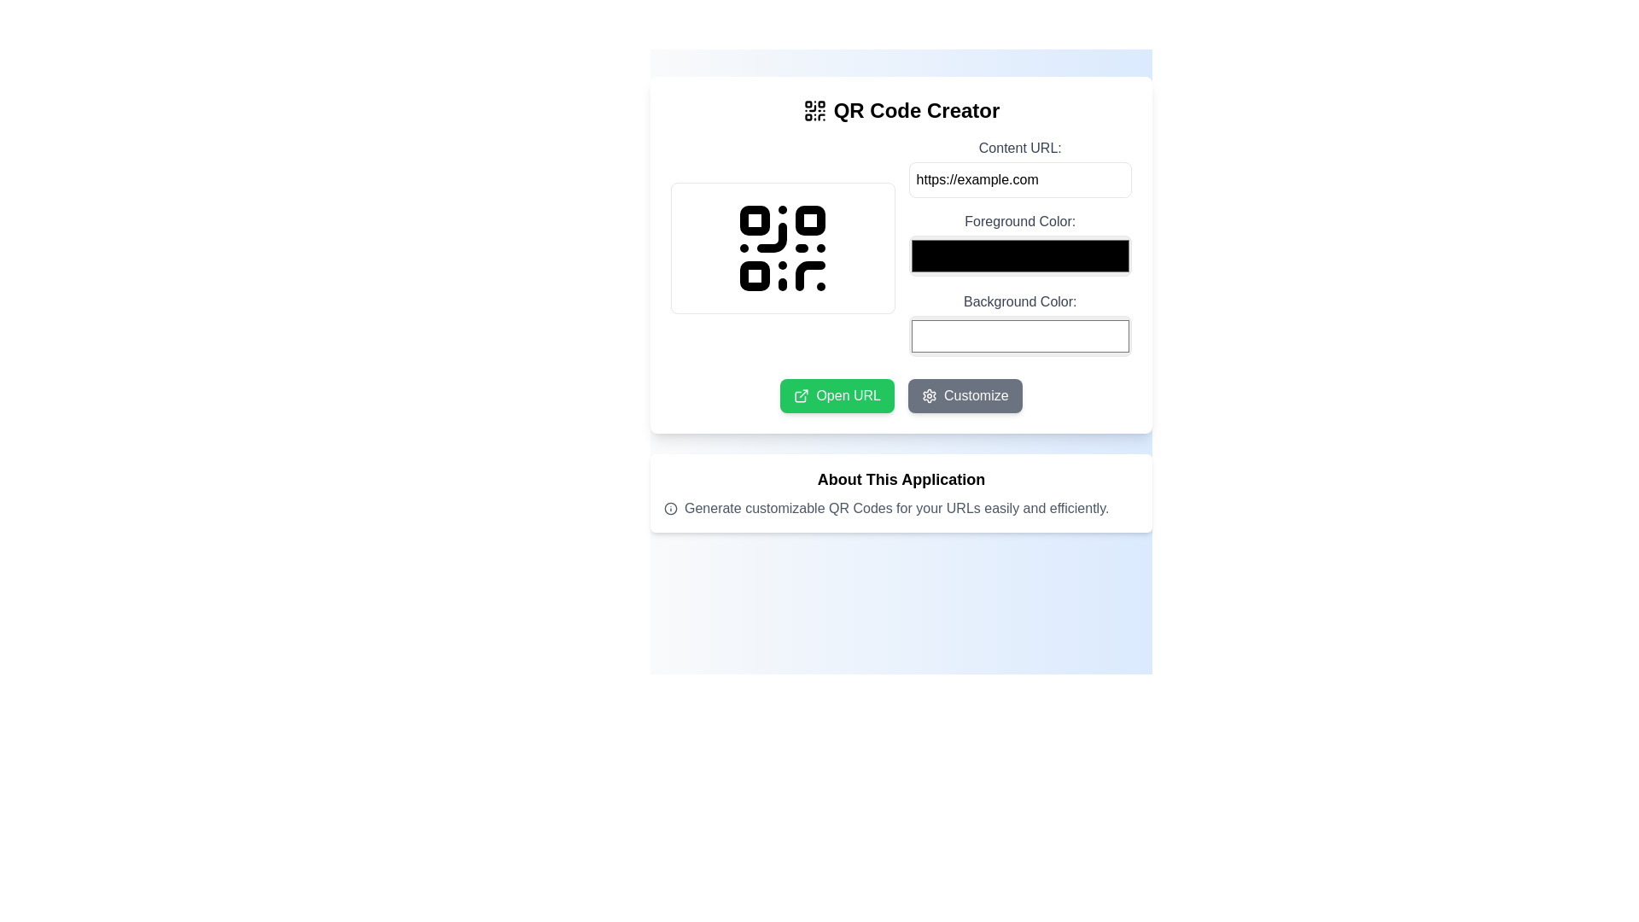 The height and width of the screenshot is (922, 1639). What do you see at coordinates (1020, 248) in the screenshot?
I see `the Color Picker located beneath the 'Foreground Color:' label` at bounding box center [1020, 248].